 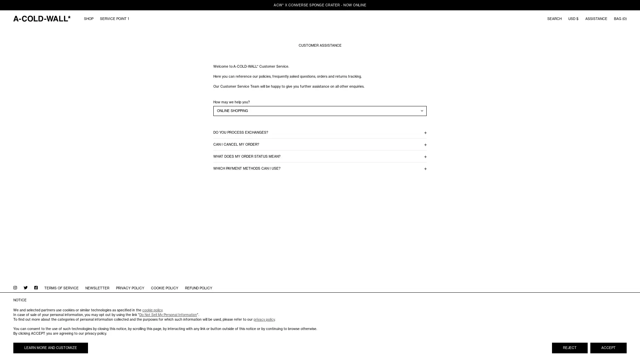 What do you see at coordinates (608, 348) in the screenshot?
I see `ACCEPT` at bounding box center [608, 348].